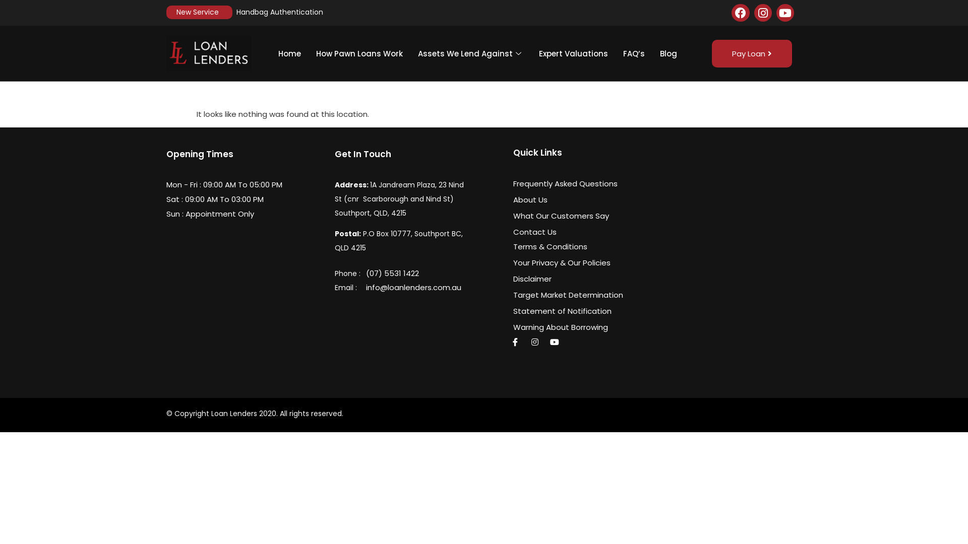 The width and height of the screenshot is (968, 544). Describe the element at coordinates (575, 183) in the screenshot. I see `'Frequently Asked Questions'` at that location.